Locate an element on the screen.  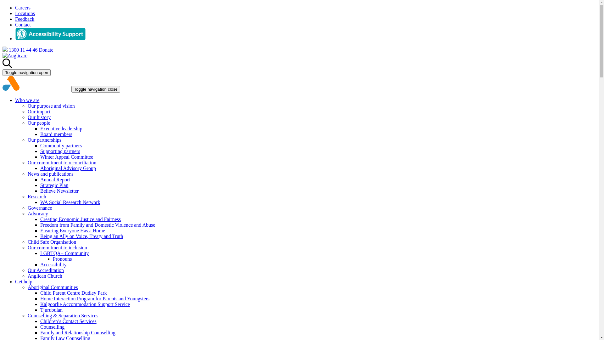
'Feedback' is located at coordinates (25, 19).